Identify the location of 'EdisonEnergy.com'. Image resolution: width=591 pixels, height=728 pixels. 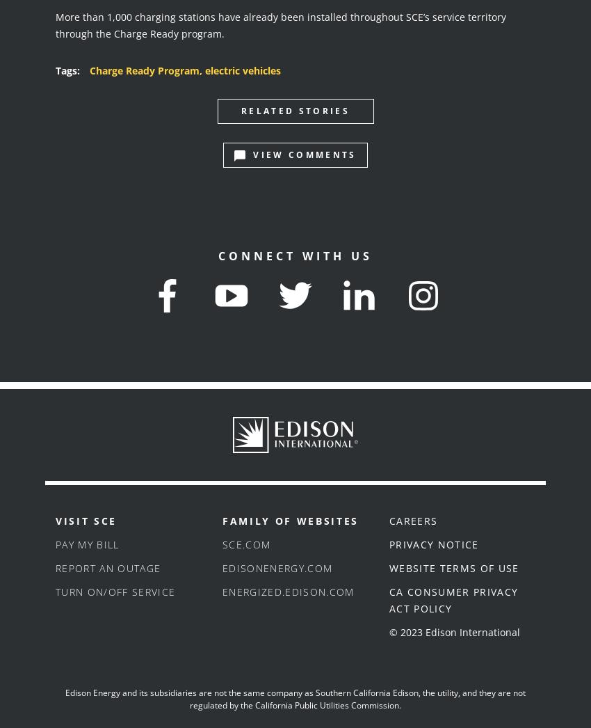
(222, 568).